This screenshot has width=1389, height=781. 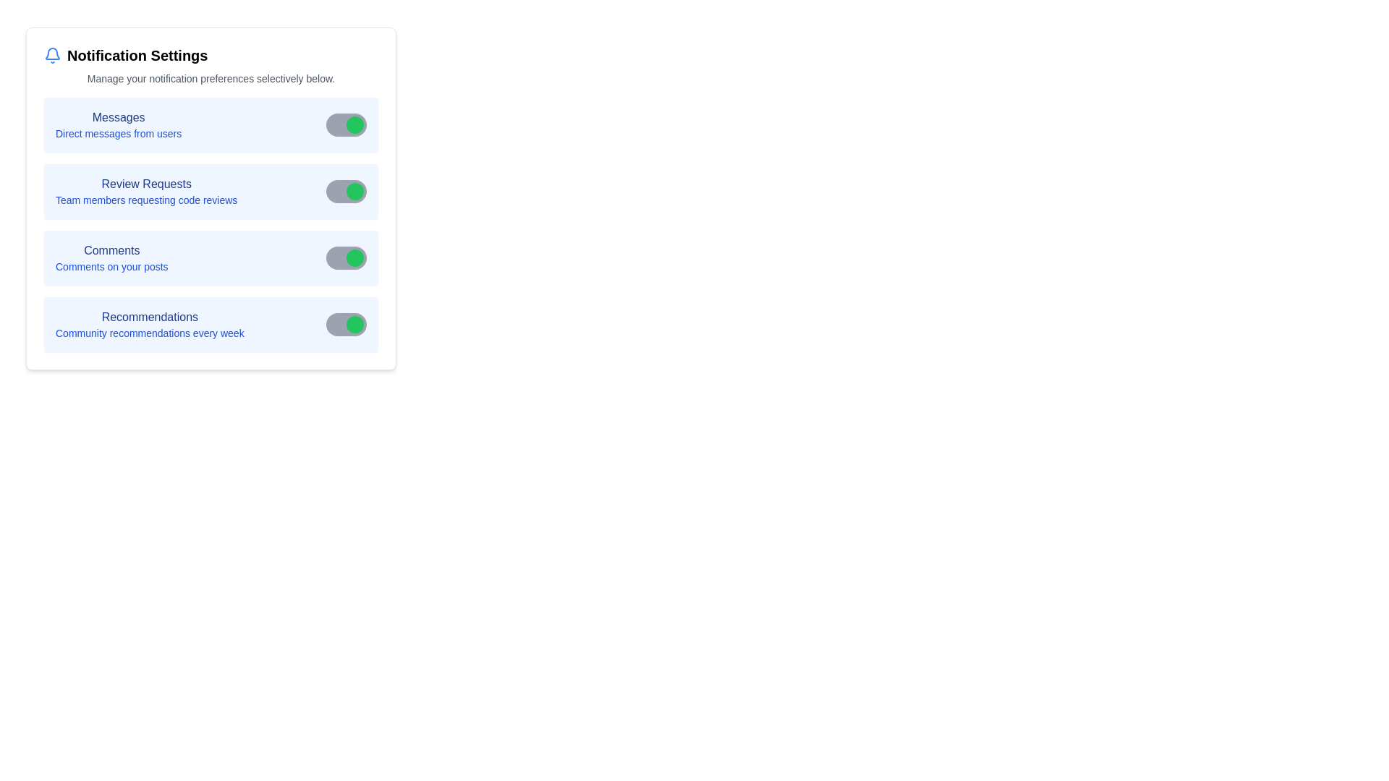 I want to click on the 'Recommendations' label text, which features a bold header in dark blue and a lighter blue subtitle on a light blue background, located as the fourth item in the notification settings list, so click(x=150, y=323).